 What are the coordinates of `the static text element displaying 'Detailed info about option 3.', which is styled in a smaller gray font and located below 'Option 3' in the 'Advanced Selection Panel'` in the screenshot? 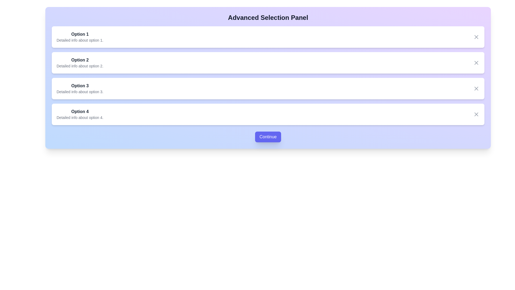 It's located at (80, 92).